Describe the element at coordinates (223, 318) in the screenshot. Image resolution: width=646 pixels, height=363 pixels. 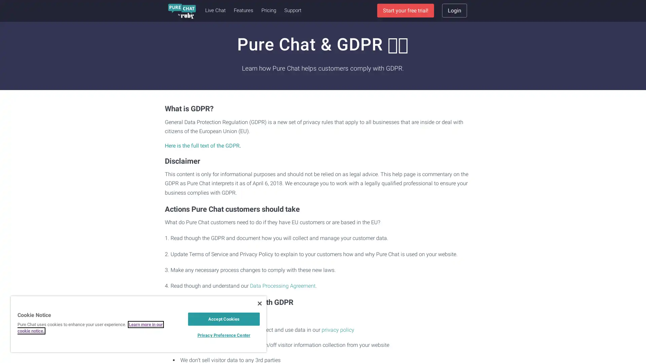
I see `Accept Cookies` at that location.